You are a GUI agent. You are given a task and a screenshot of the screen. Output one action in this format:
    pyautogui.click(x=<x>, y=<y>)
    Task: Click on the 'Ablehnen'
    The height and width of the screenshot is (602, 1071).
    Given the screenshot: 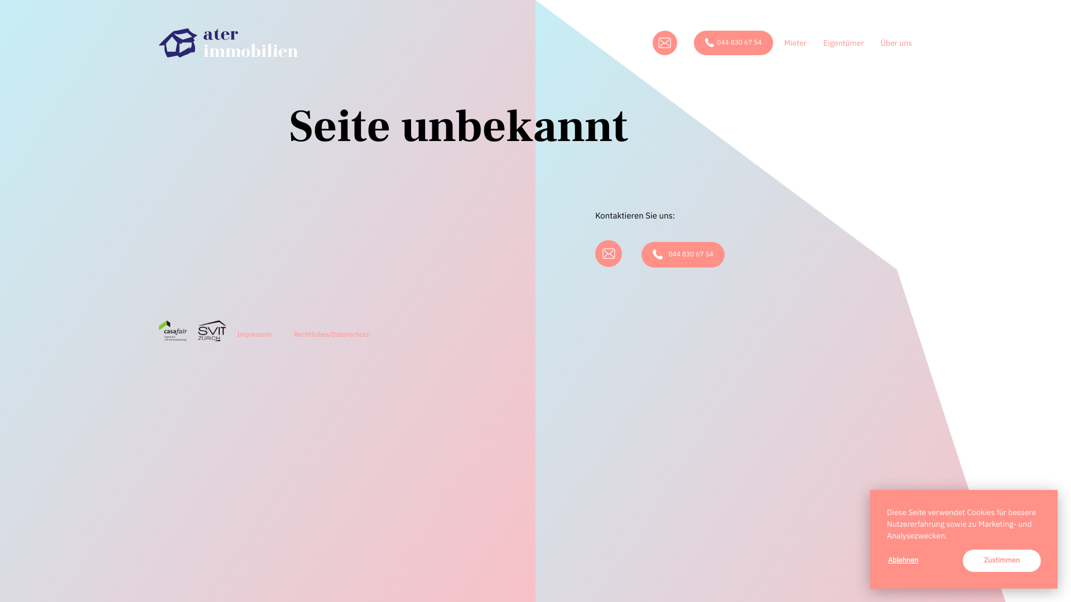 What is the action you would take?
    pyautogui.click(x=923, y=561)
    